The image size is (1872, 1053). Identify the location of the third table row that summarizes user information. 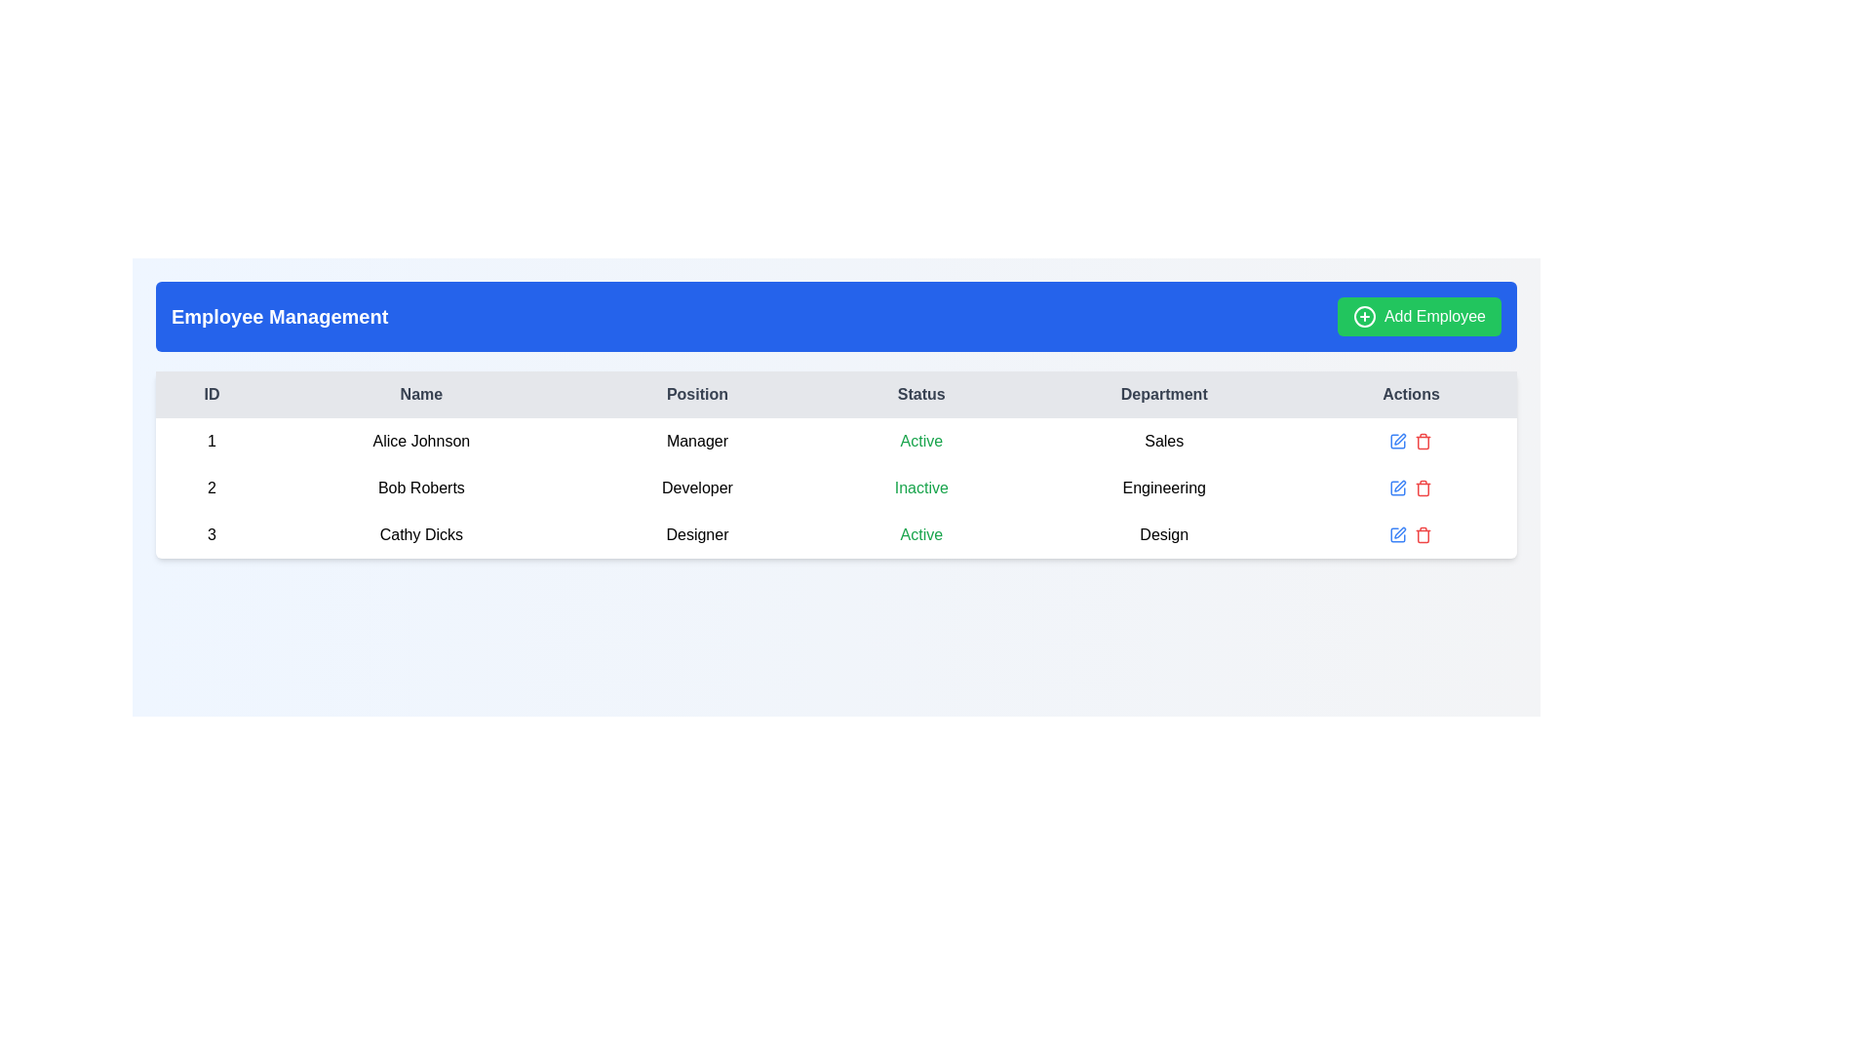
(837, 534).